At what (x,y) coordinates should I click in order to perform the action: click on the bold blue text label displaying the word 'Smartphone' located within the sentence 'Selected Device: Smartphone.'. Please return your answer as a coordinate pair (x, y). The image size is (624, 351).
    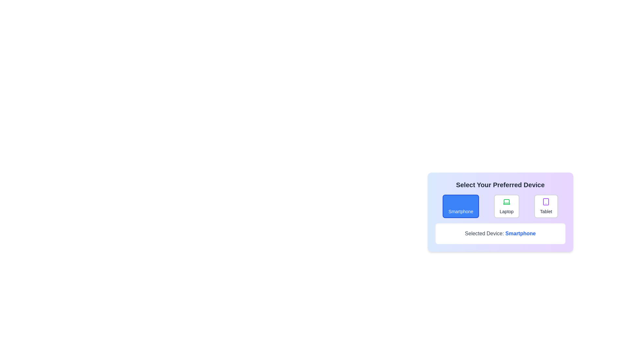
    Looking at the image, I should click on (520, 233).